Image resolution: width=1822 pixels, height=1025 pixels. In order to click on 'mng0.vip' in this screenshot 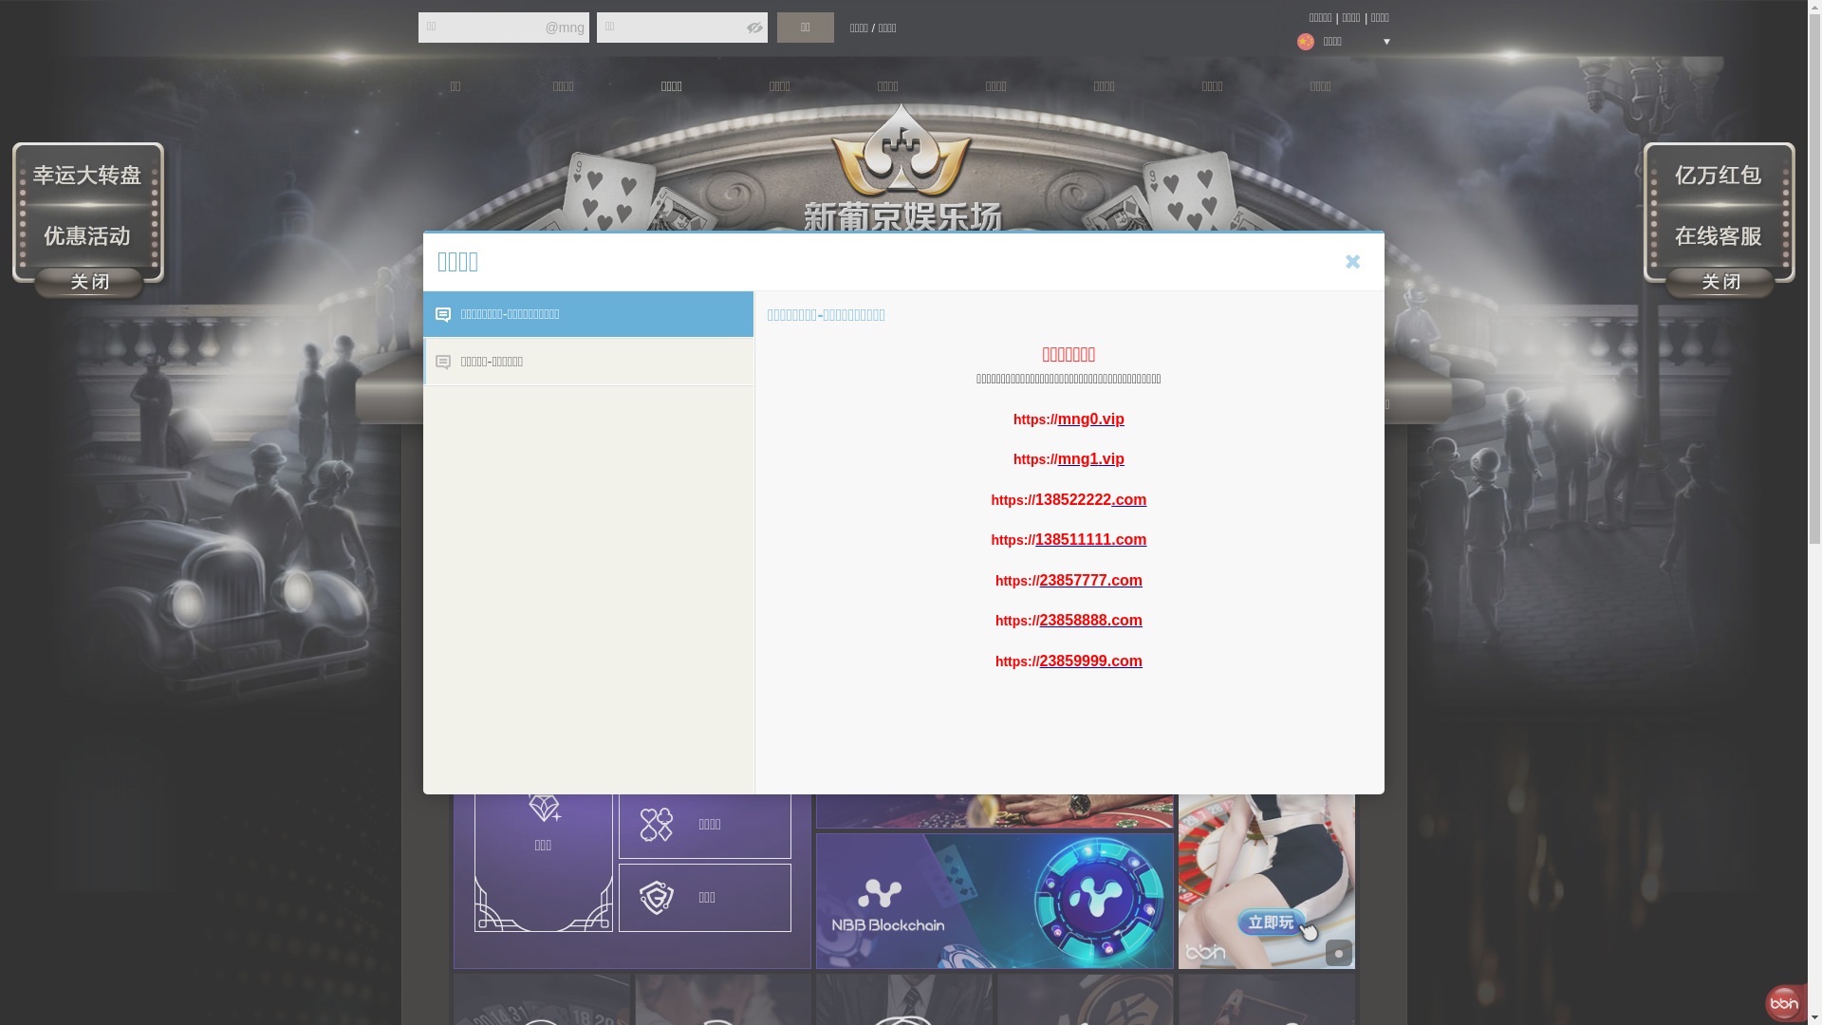, I will do `click(1091, 417)`.